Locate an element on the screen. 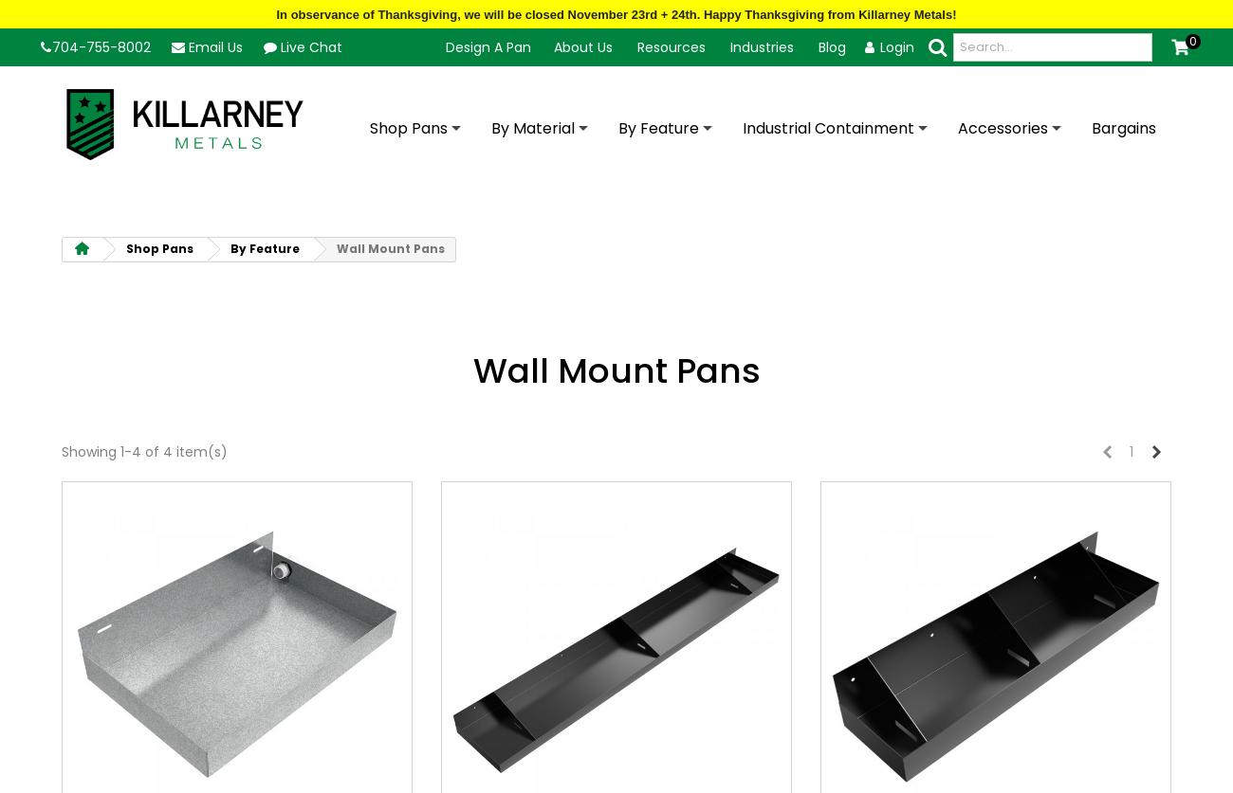  'Accessories' is located at coordinates (1003, 128).